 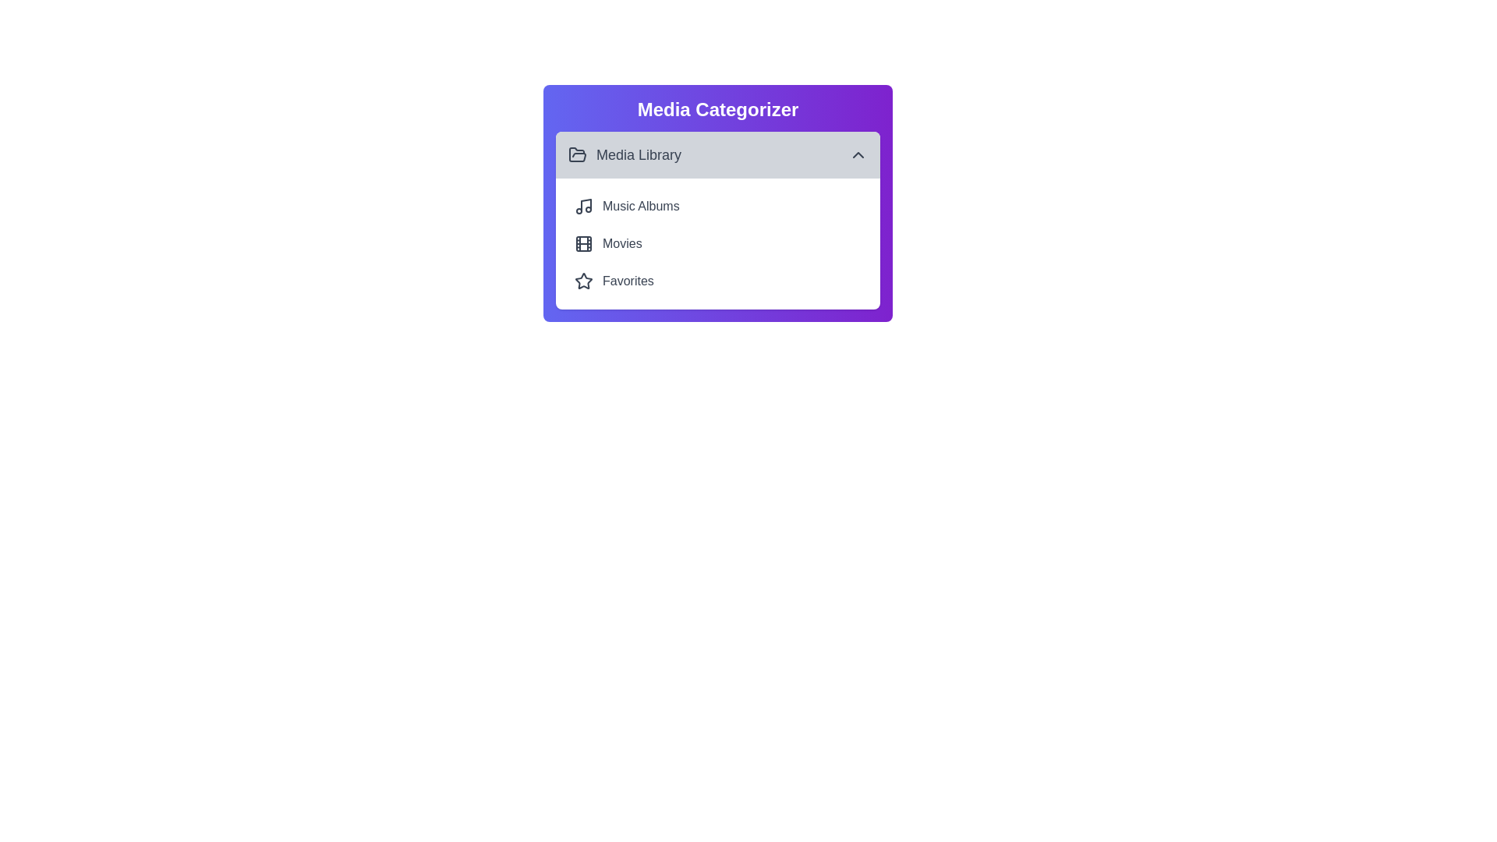 What do you see at coordinates (717, 281) in the screenshot?
I see `the item Favorites from the list` at bounding box center [717, 281].